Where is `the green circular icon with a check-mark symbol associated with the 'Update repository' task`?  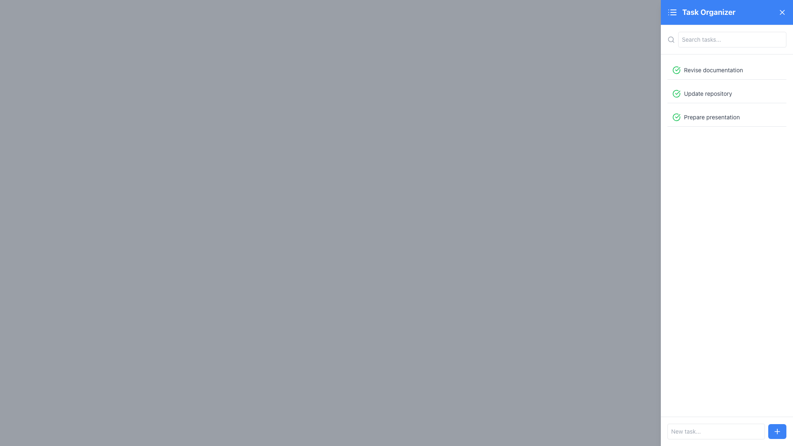 the green circular icon with a check-mark symbol associated with the 'Update repository' task is located at coordinates (676, 93).